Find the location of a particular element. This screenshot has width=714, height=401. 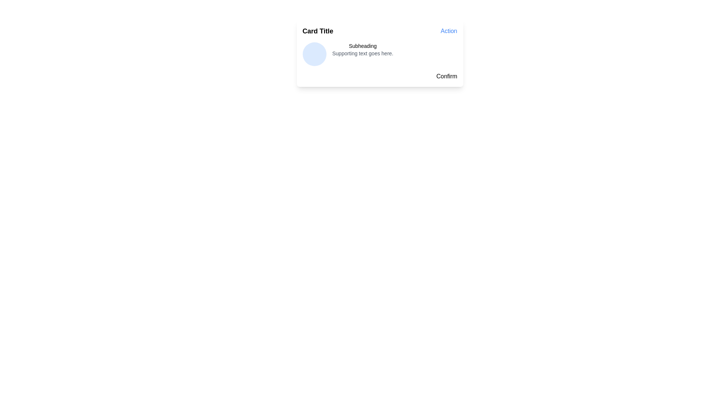

the confirm button located in the bottom-right corner of the card interface to confirm the action or selection made is located at coordinates (446, 76).